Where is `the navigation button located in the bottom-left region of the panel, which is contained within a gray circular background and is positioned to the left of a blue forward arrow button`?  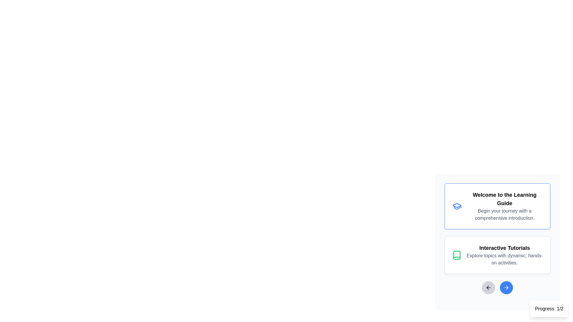 the navigation button located in the bottom-left region of the panel, which is contained within a gray circular background and is positioned to the left of a blue forward arrow button is located at coordinates (488, 287).